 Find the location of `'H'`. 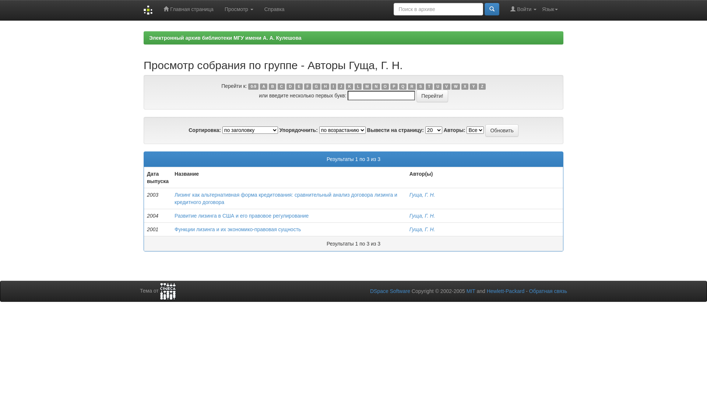

'H' is located at coordinates (325, 86).